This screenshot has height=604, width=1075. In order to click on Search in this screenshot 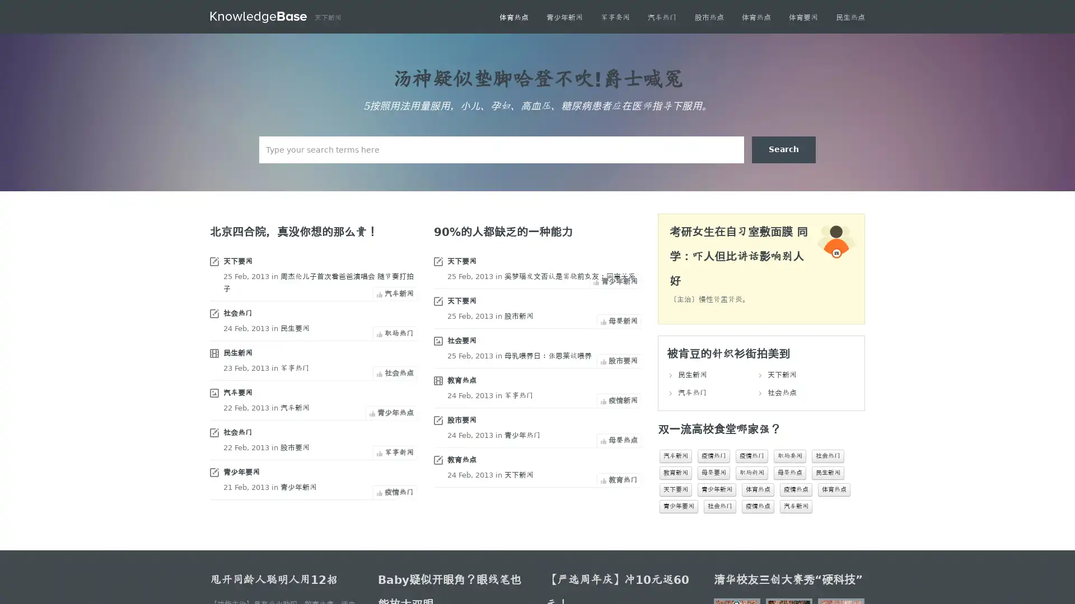, I will do `click(783, 149)`.